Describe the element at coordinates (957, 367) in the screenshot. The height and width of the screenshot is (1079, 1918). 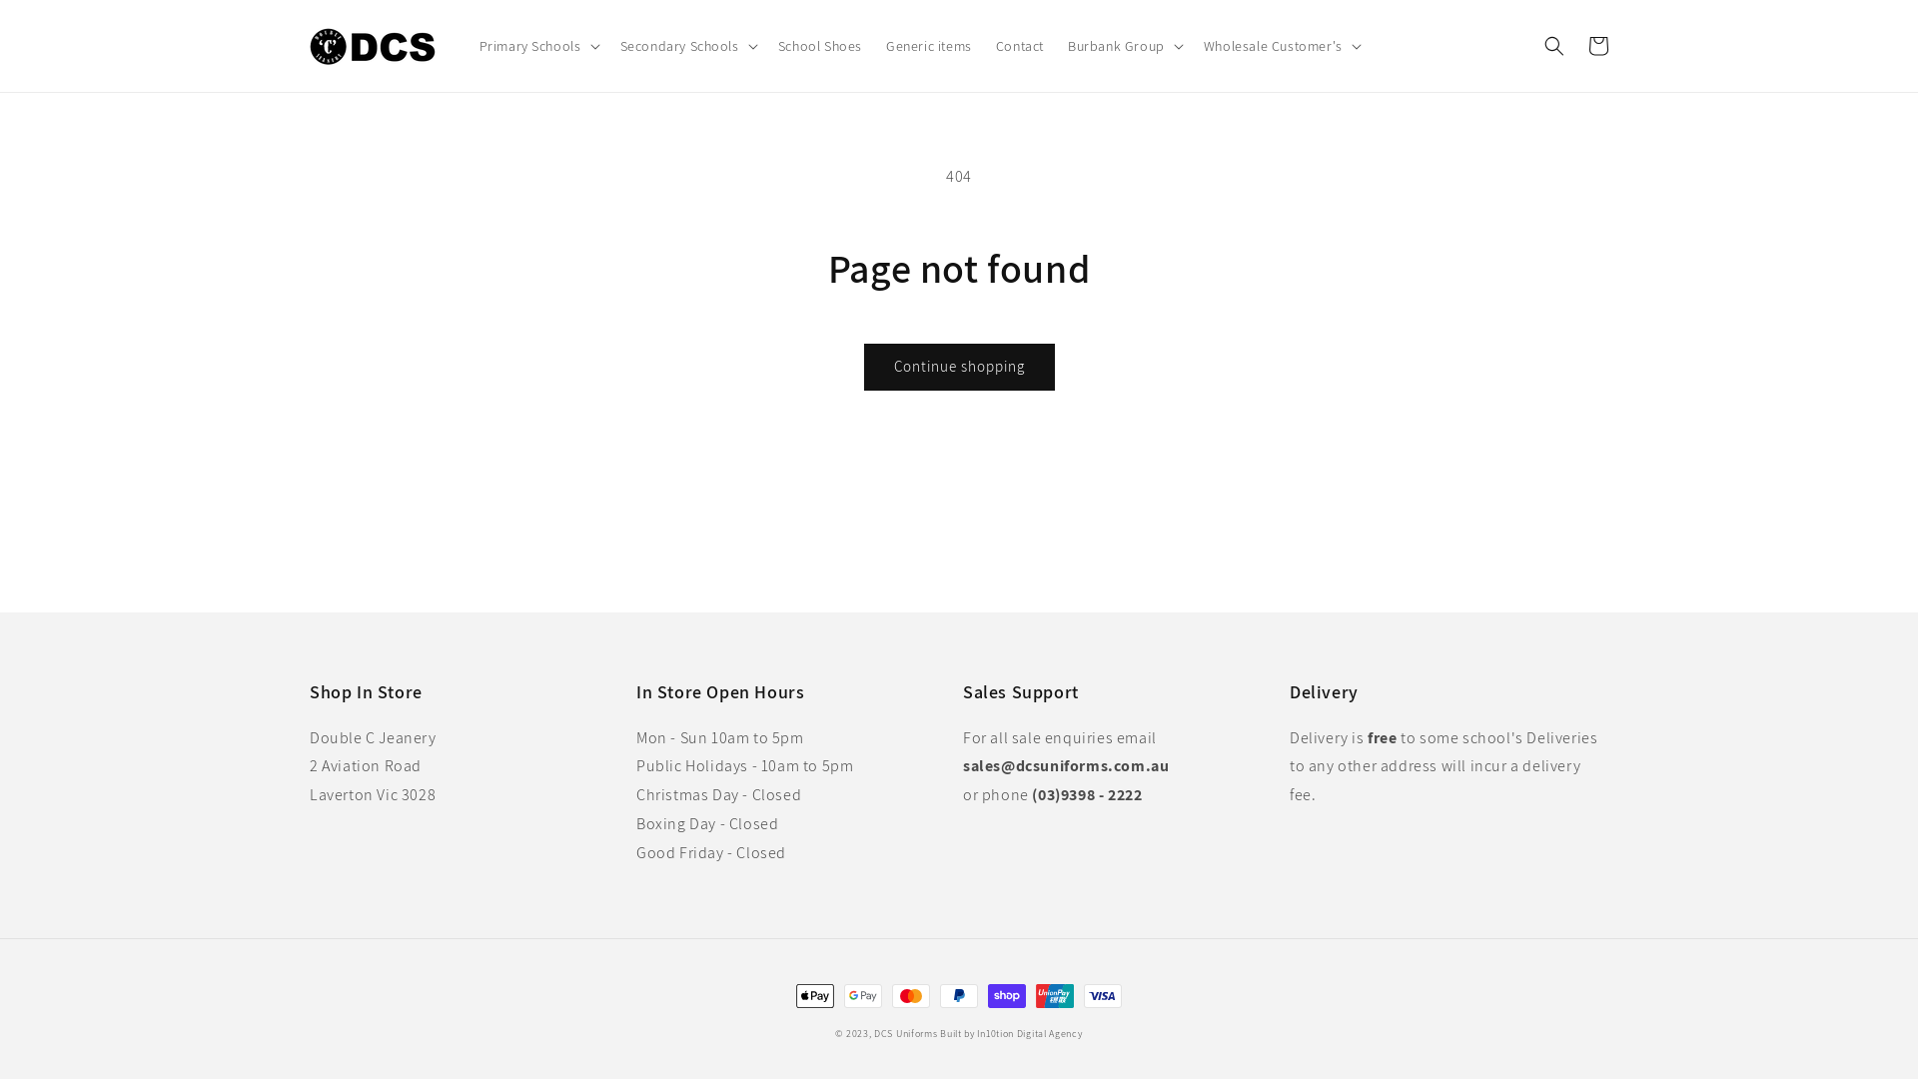
I see `'Continue shopping'` at that location.